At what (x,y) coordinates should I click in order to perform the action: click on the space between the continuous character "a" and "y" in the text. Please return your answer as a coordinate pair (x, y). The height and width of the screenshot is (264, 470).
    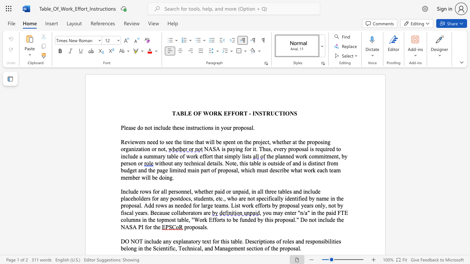
    Looking at the image, I should click on (280, 213).